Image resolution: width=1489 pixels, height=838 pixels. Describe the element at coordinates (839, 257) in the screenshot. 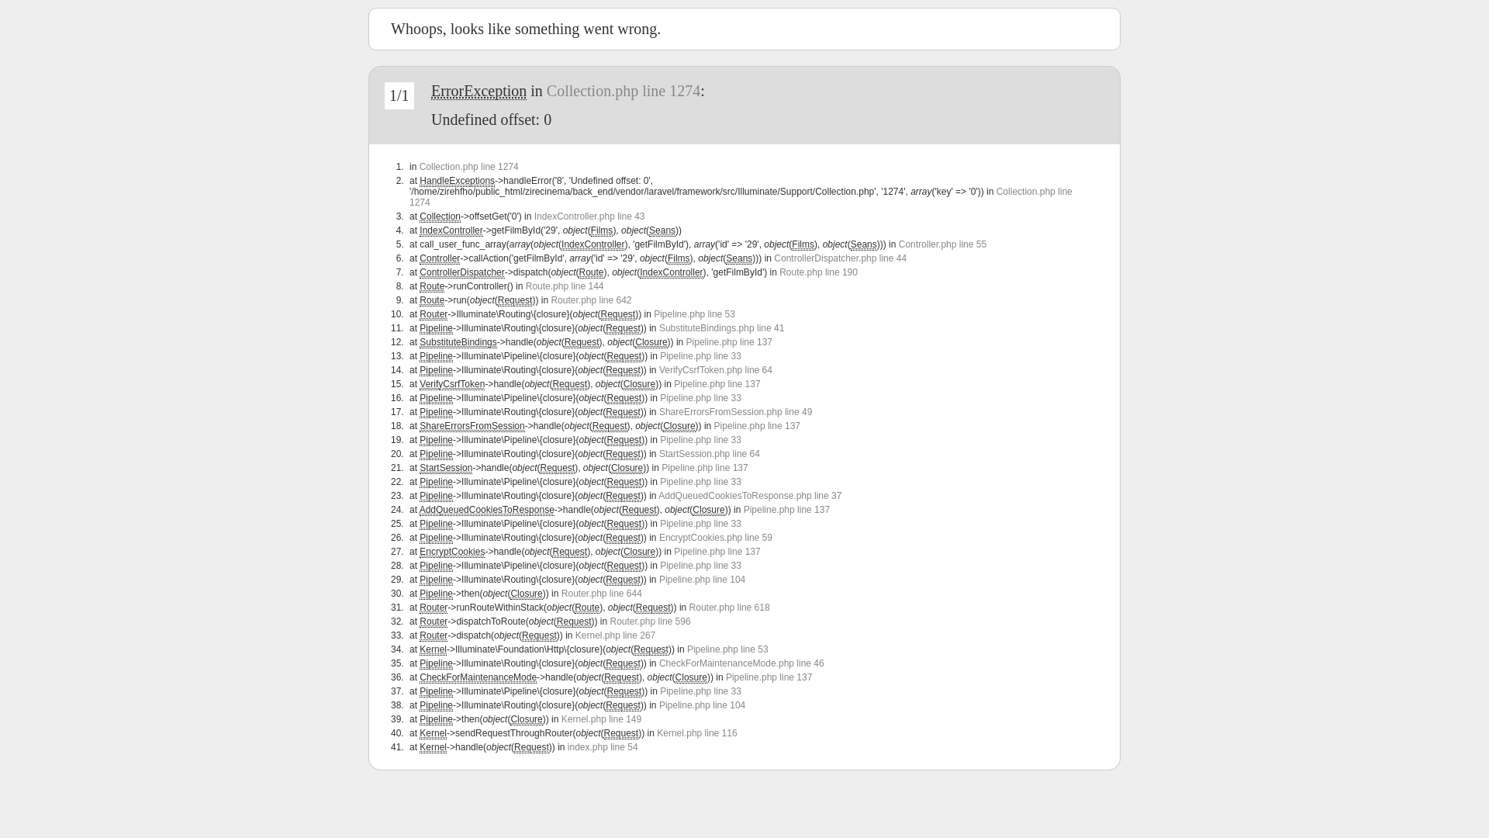

I see `'ControllerDispatcher.php line 44'` at that location.